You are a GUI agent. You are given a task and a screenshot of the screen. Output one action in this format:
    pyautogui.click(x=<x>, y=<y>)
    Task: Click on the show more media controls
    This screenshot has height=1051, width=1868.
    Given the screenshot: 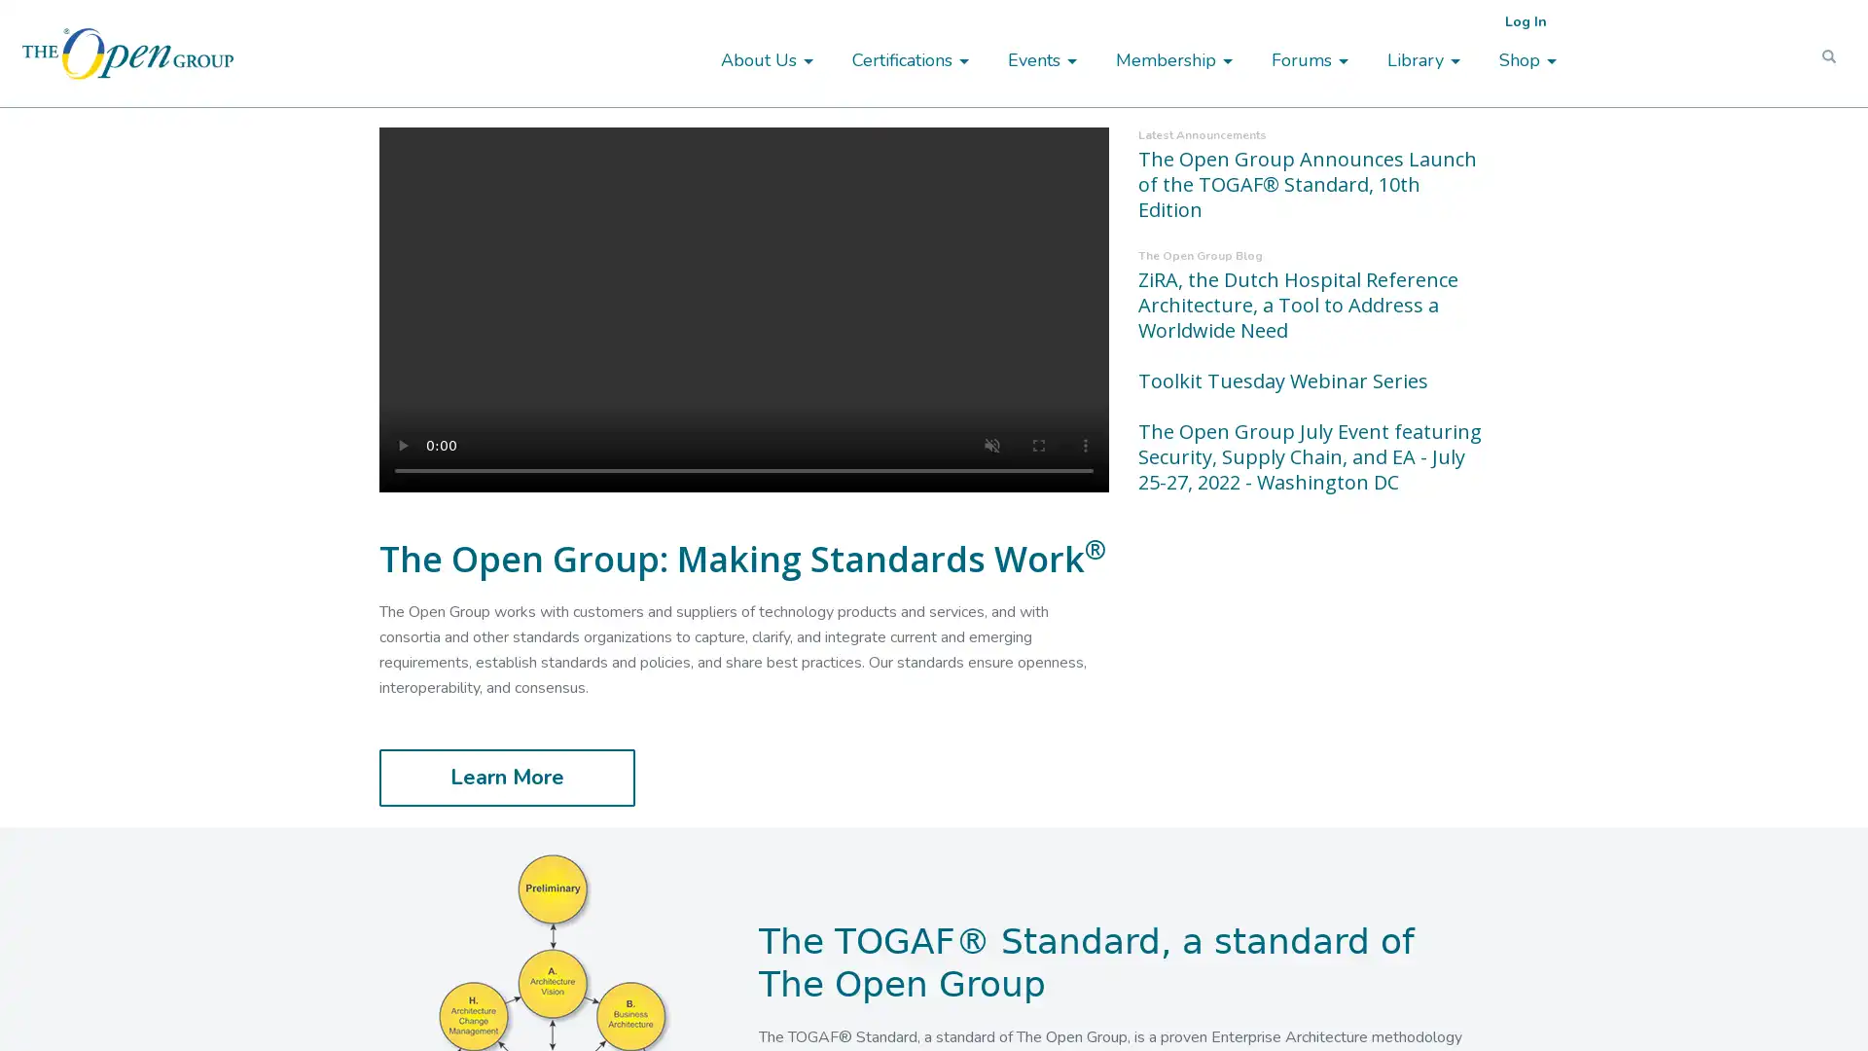 What is the action you would take?
    pyautogui.click(x=1085, y=446)
    